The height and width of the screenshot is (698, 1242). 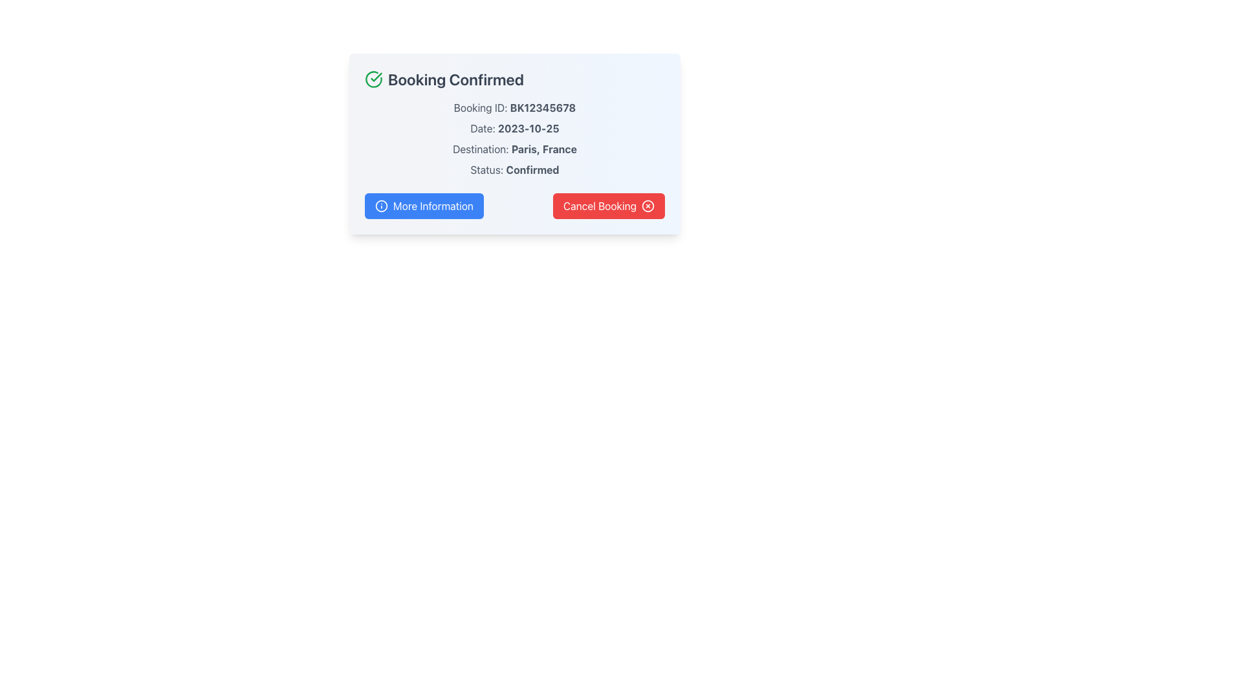 What do you see at coordinates (648, 206) in the screenshot?
I see `the cancel action icon located to the right of the text in the 'Cancel Booking' button` at bounding box center [648, 206].